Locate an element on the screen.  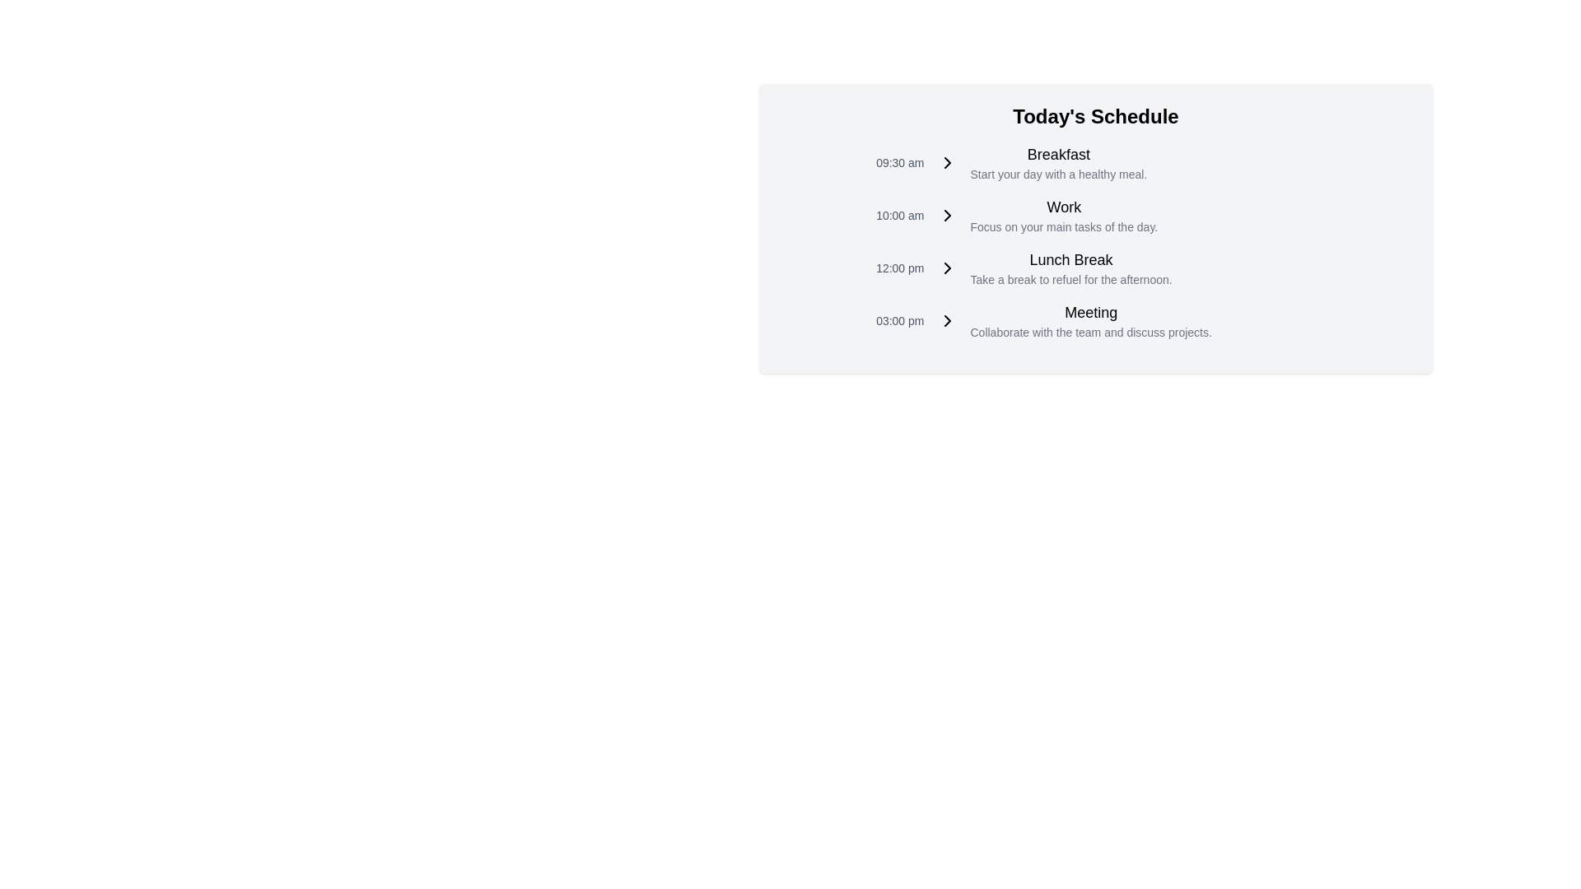
the time indicator displaying '12:00 pm' located in the schedule section under 'Lunch Break', aligned to the right margin is located at coordinates (899, 268).